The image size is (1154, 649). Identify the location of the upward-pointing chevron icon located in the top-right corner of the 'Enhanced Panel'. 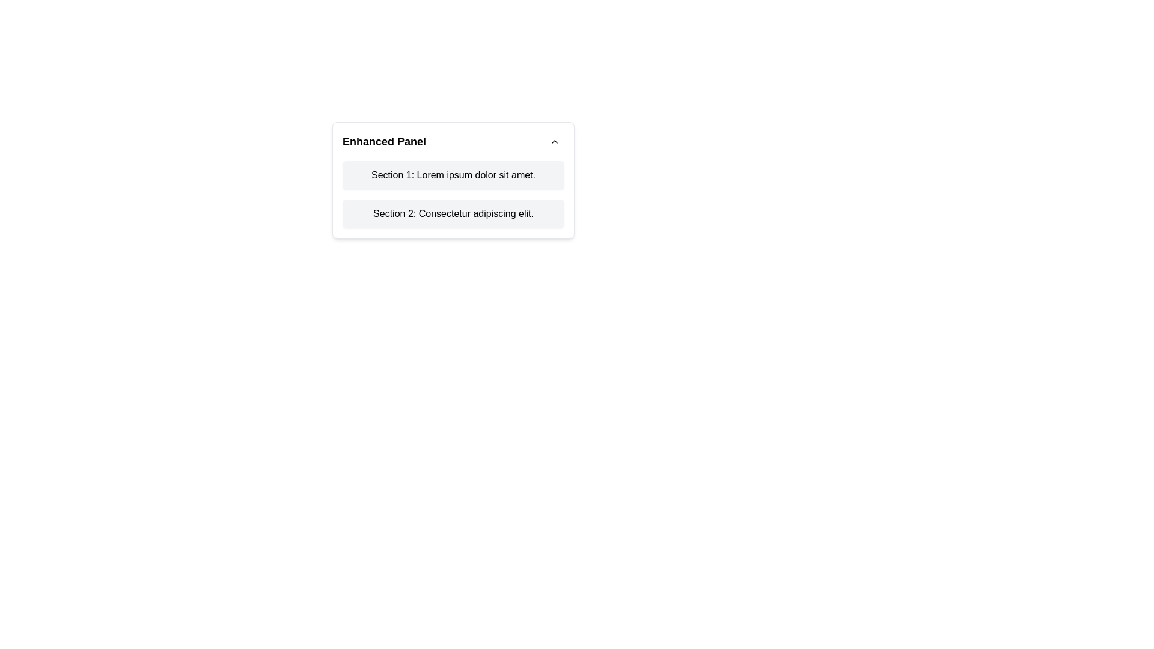
(554, 141).